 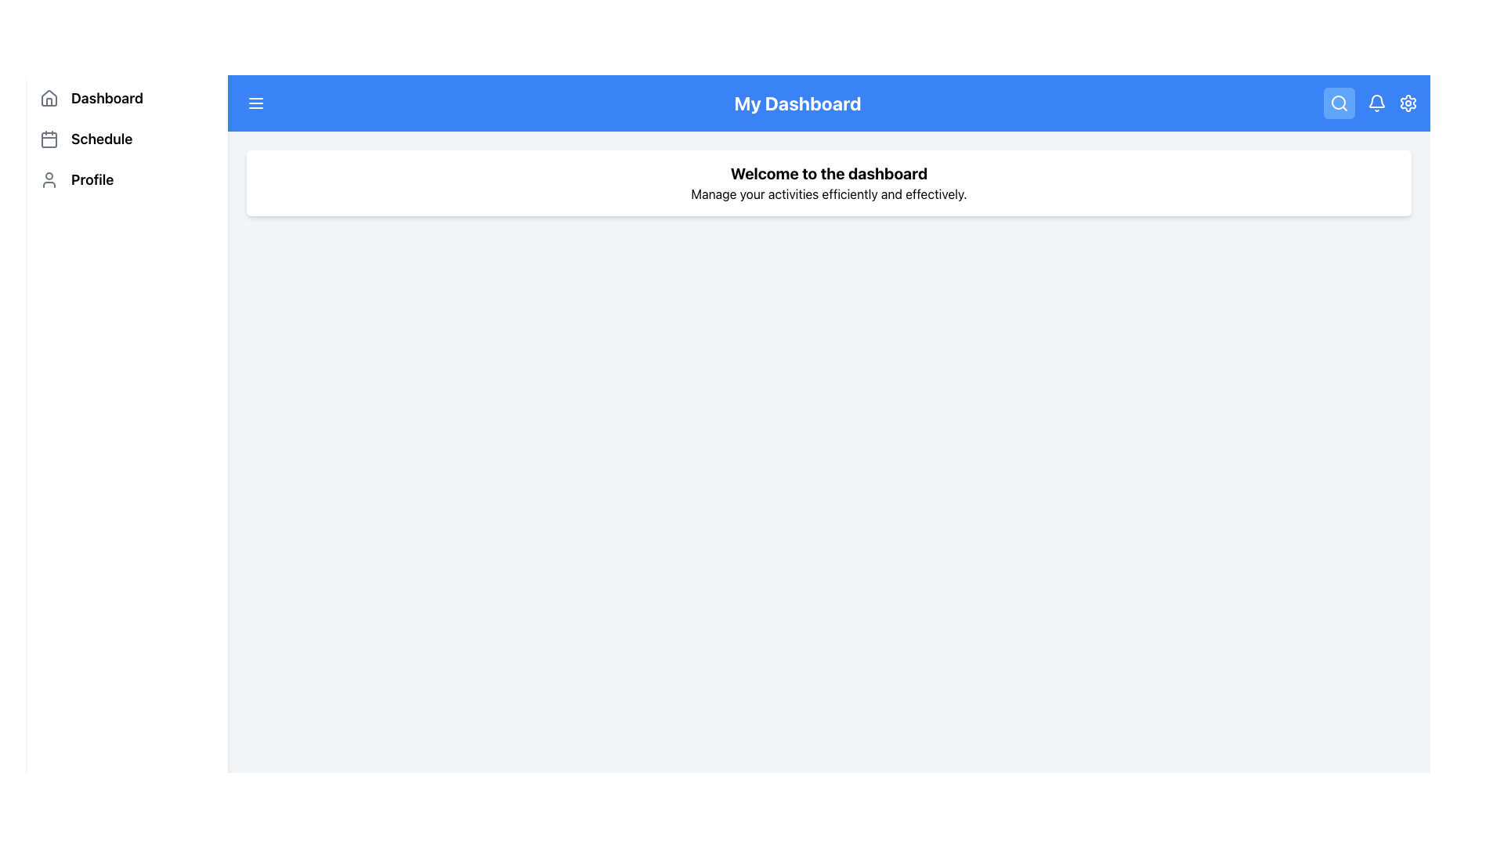 I want to click on the gear-shaped icon located in the top right corner of the blue navigation bar, so click(x=1408, y=103).